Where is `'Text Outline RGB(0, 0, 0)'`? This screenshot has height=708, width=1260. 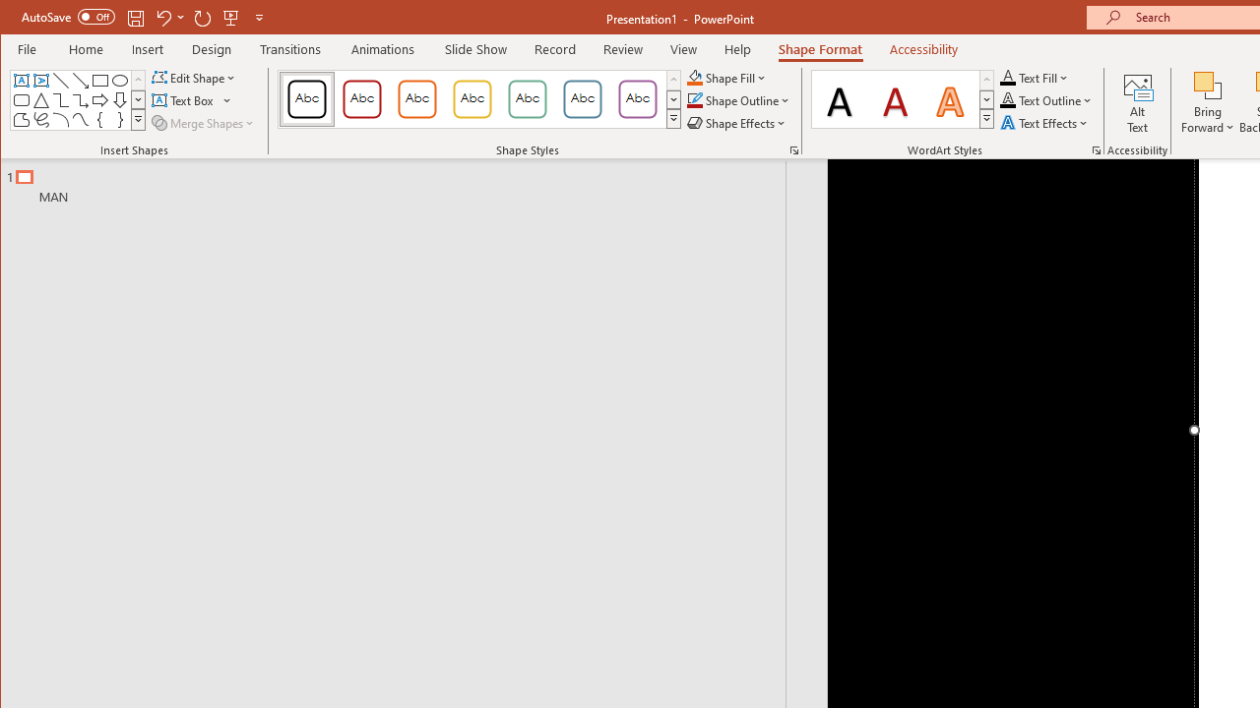 'Text Outline RGB(0, 0, 0)' is located at coordinates (1008, 100).